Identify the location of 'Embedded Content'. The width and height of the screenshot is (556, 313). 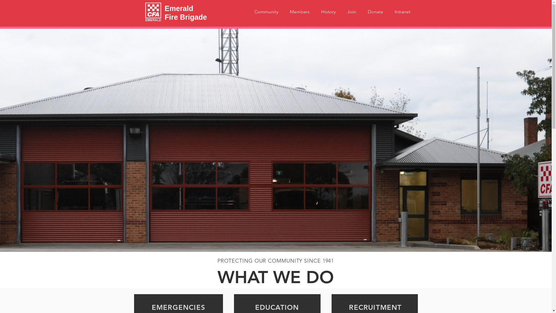
(384, 224).